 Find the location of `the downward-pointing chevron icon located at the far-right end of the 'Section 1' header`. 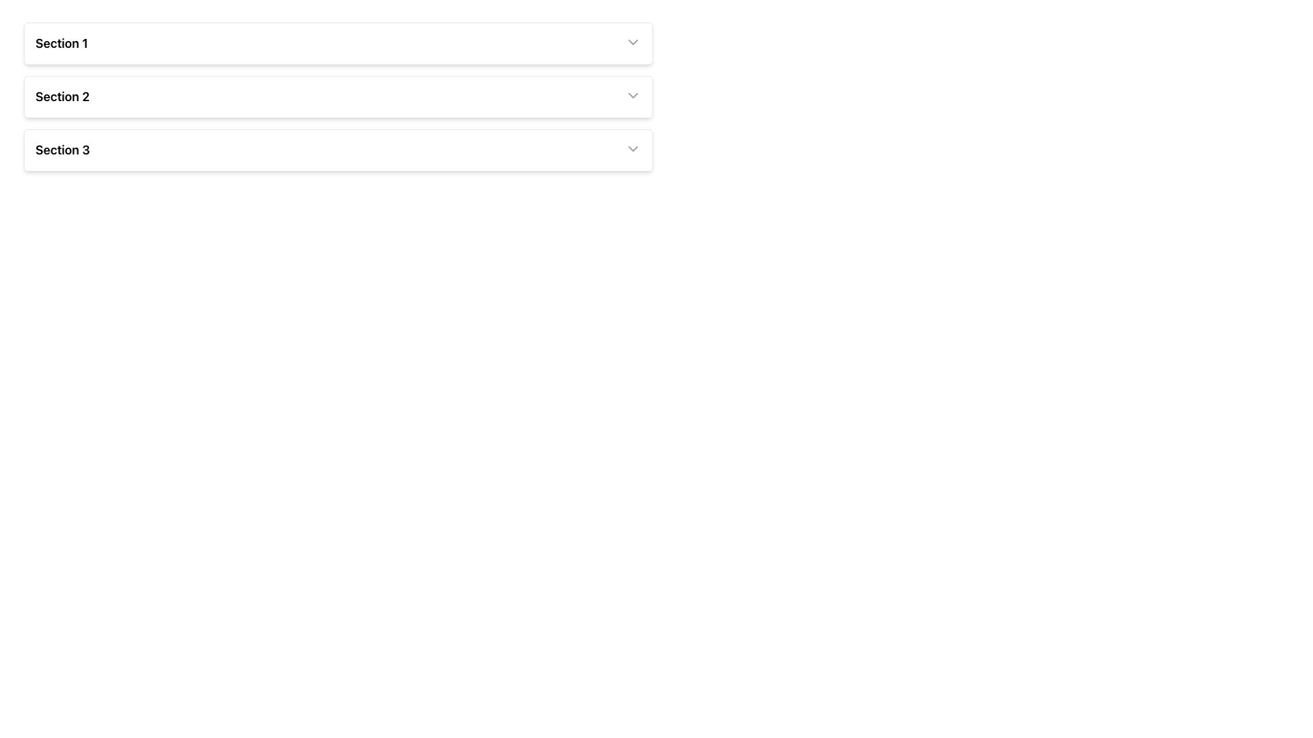

the downward-pointing chevron icon located at the far-right end of the 'Section 1' header is located at coordinates (633, 41).